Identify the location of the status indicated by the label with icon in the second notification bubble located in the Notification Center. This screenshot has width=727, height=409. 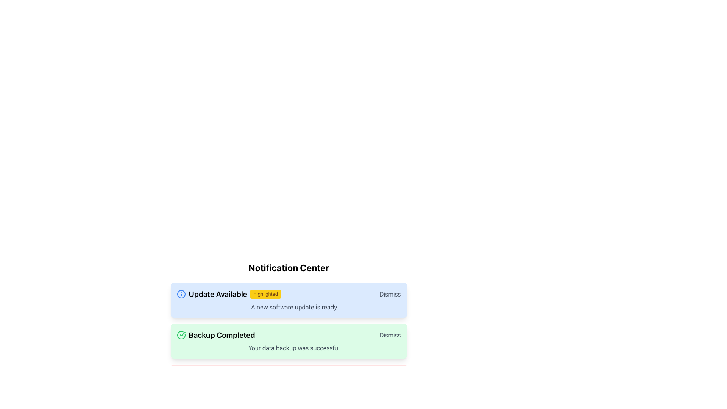
(215, 334).